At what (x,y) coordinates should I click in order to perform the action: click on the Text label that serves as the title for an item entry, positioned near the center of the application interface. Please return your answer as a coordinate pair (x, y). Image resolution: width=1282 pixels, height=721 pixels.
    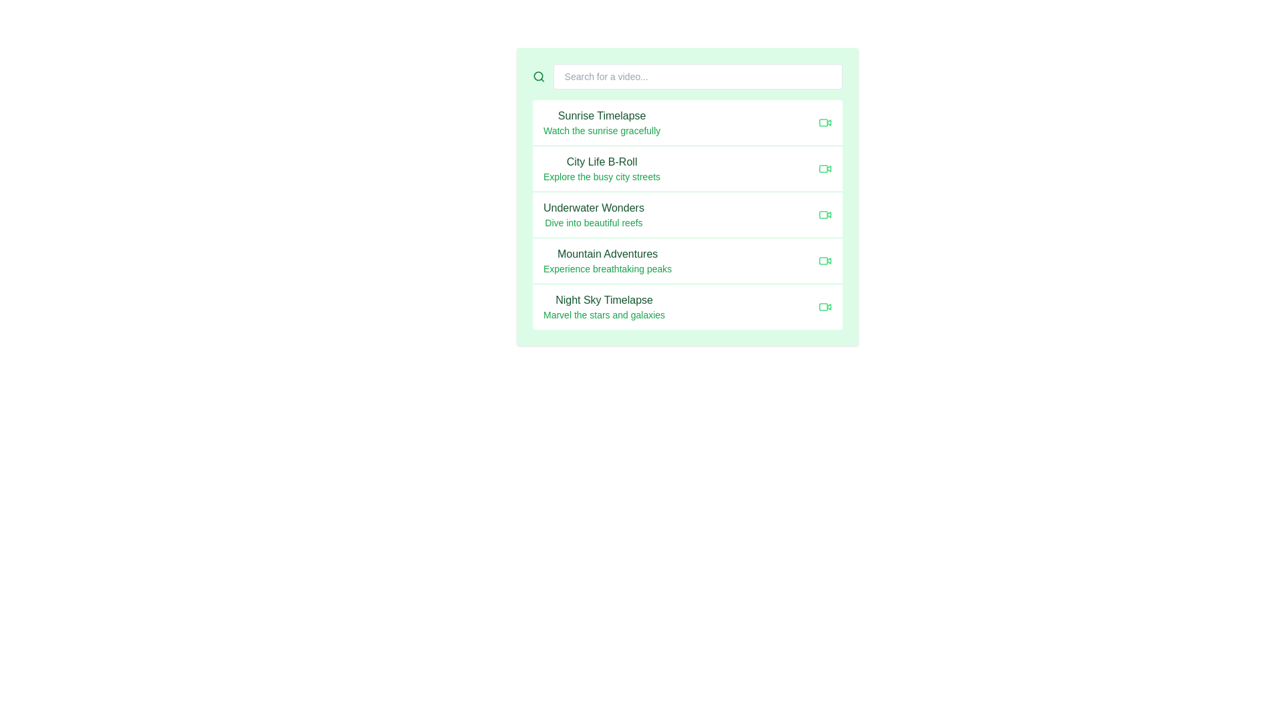
    Looking at the image, I should click on (601, 162).